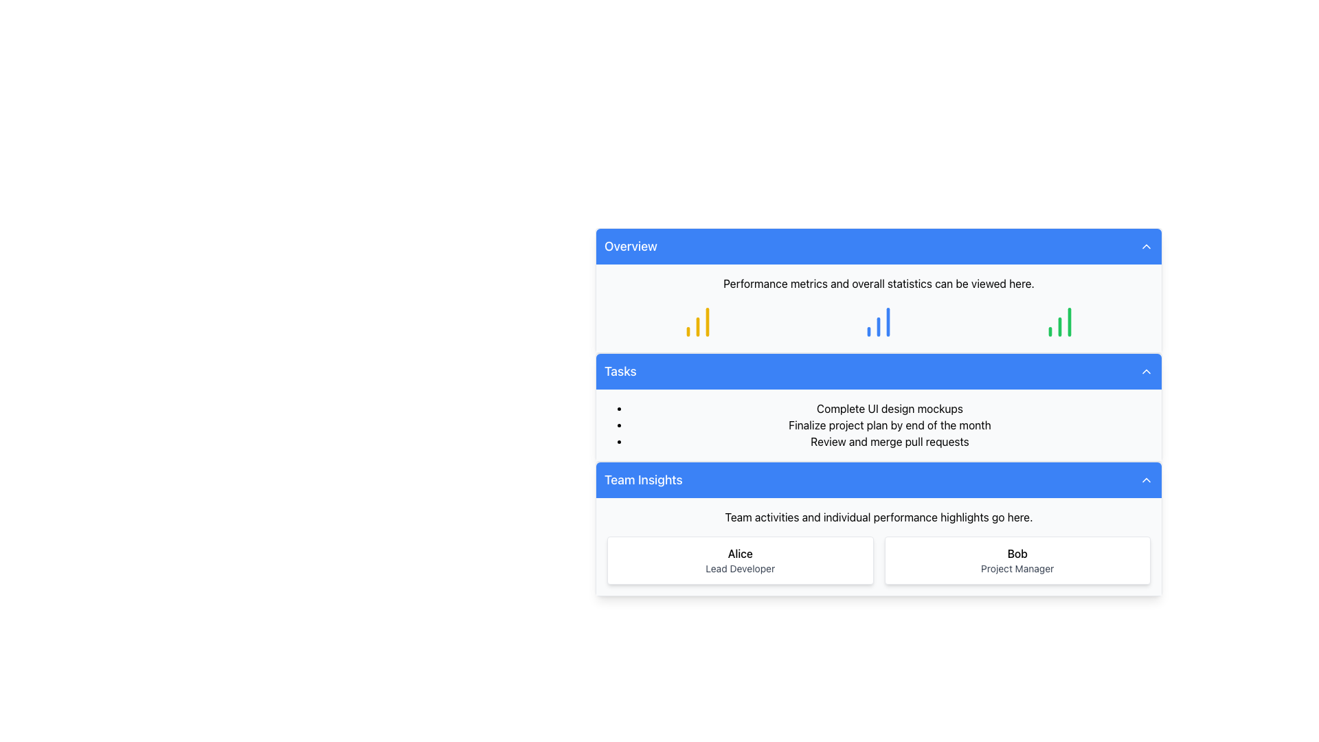 This screenshot has width=1319, height=742. I want to click on the upward-chevron icon located at the rightmost end of the blue header section labeled 'Overview', so click(1147, 245).